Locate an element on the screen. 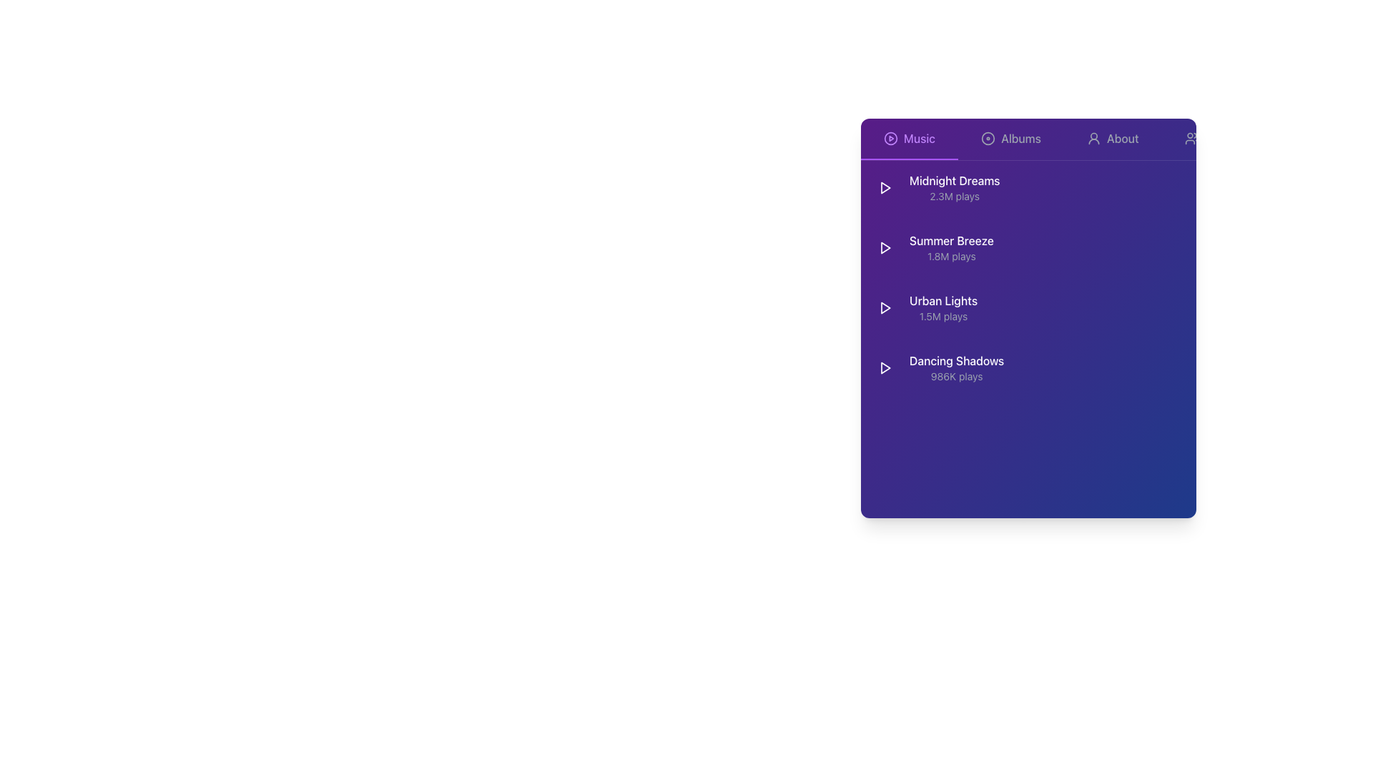 The height and width of the screenshot is (772, 1373). the text label element indicating the play count of the content titled 'Urban Lights', located beneath the title in the middle column of the vertically-oriented list is located at coordinates (943, 316).